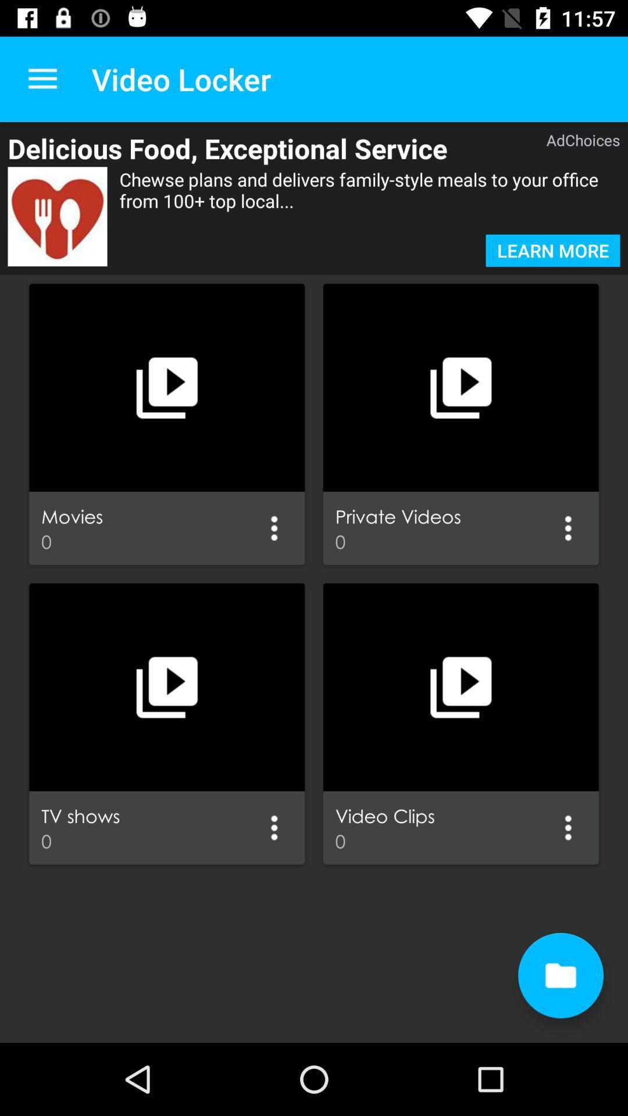  What do you see at coordinates (258, 148) in the screenshot?
I see `the icon next to adchoices` at bounding box center [258, 148].